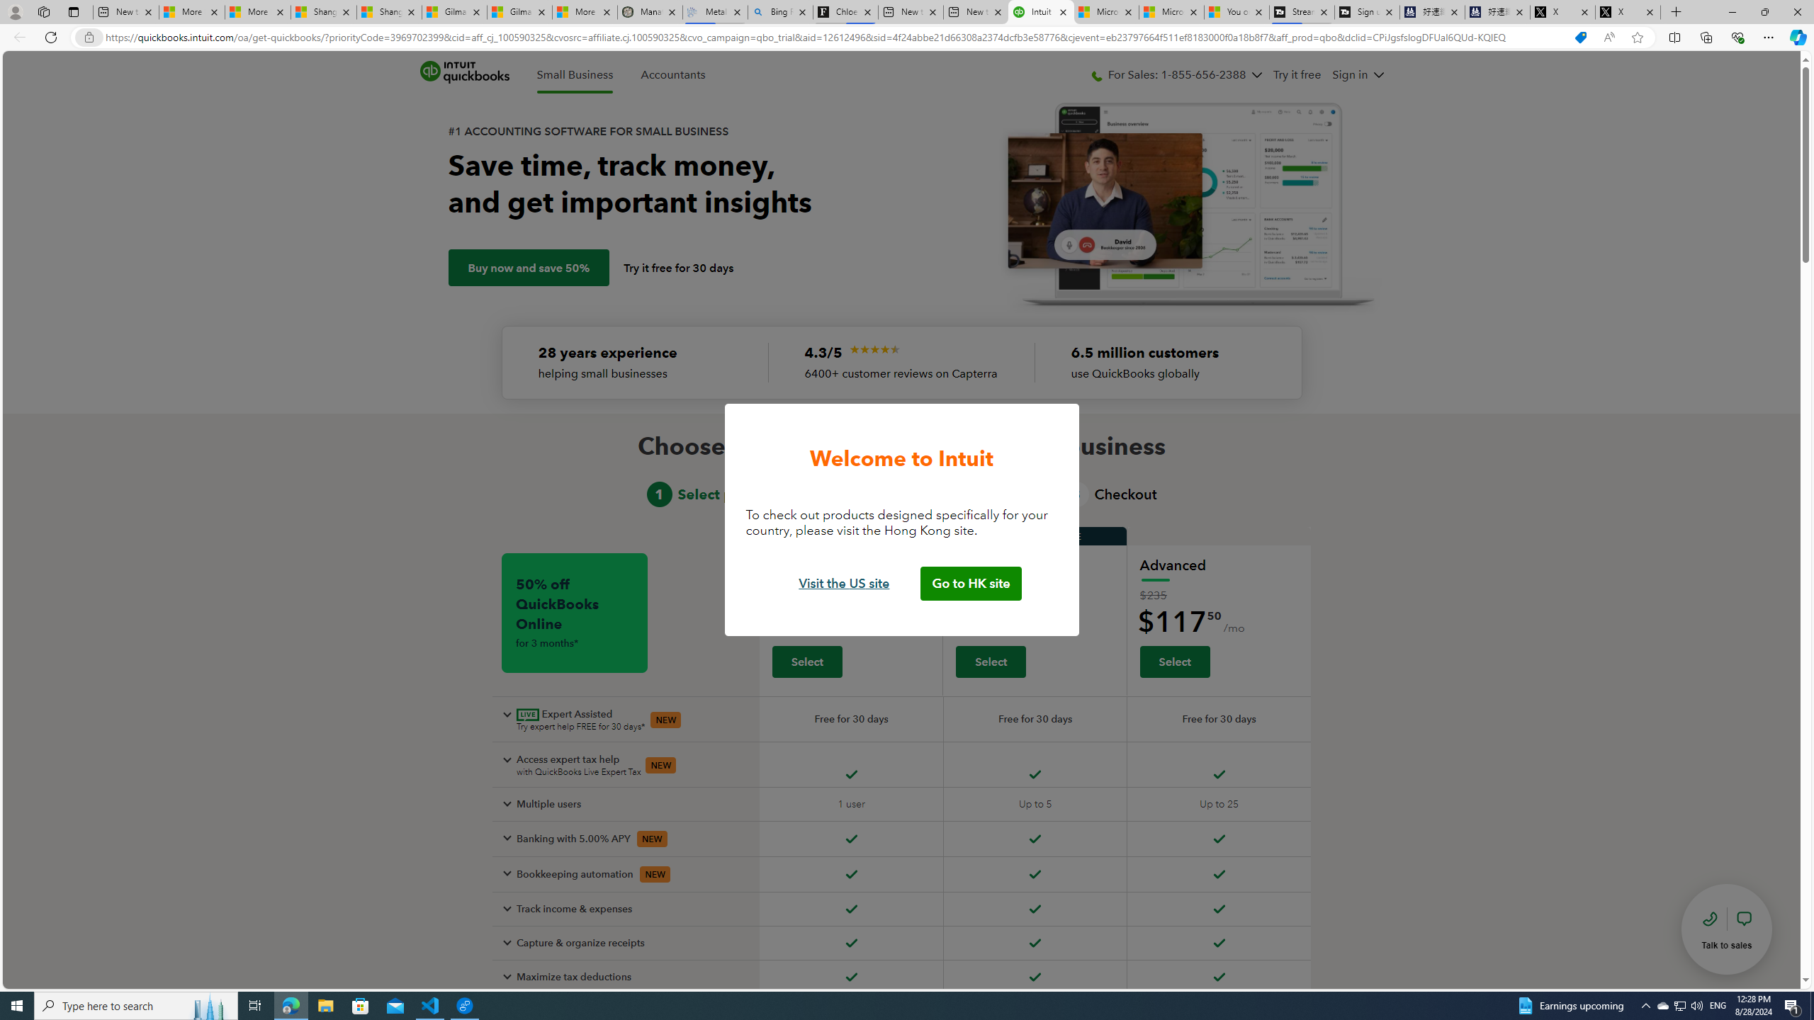 Image resolution: width=1814 pixels, height=1020 pixels. What do you see at coordinates (846, 11) in the screenshot?
I see `'Chloe Sorvino'` at bounding box center [846, 11].